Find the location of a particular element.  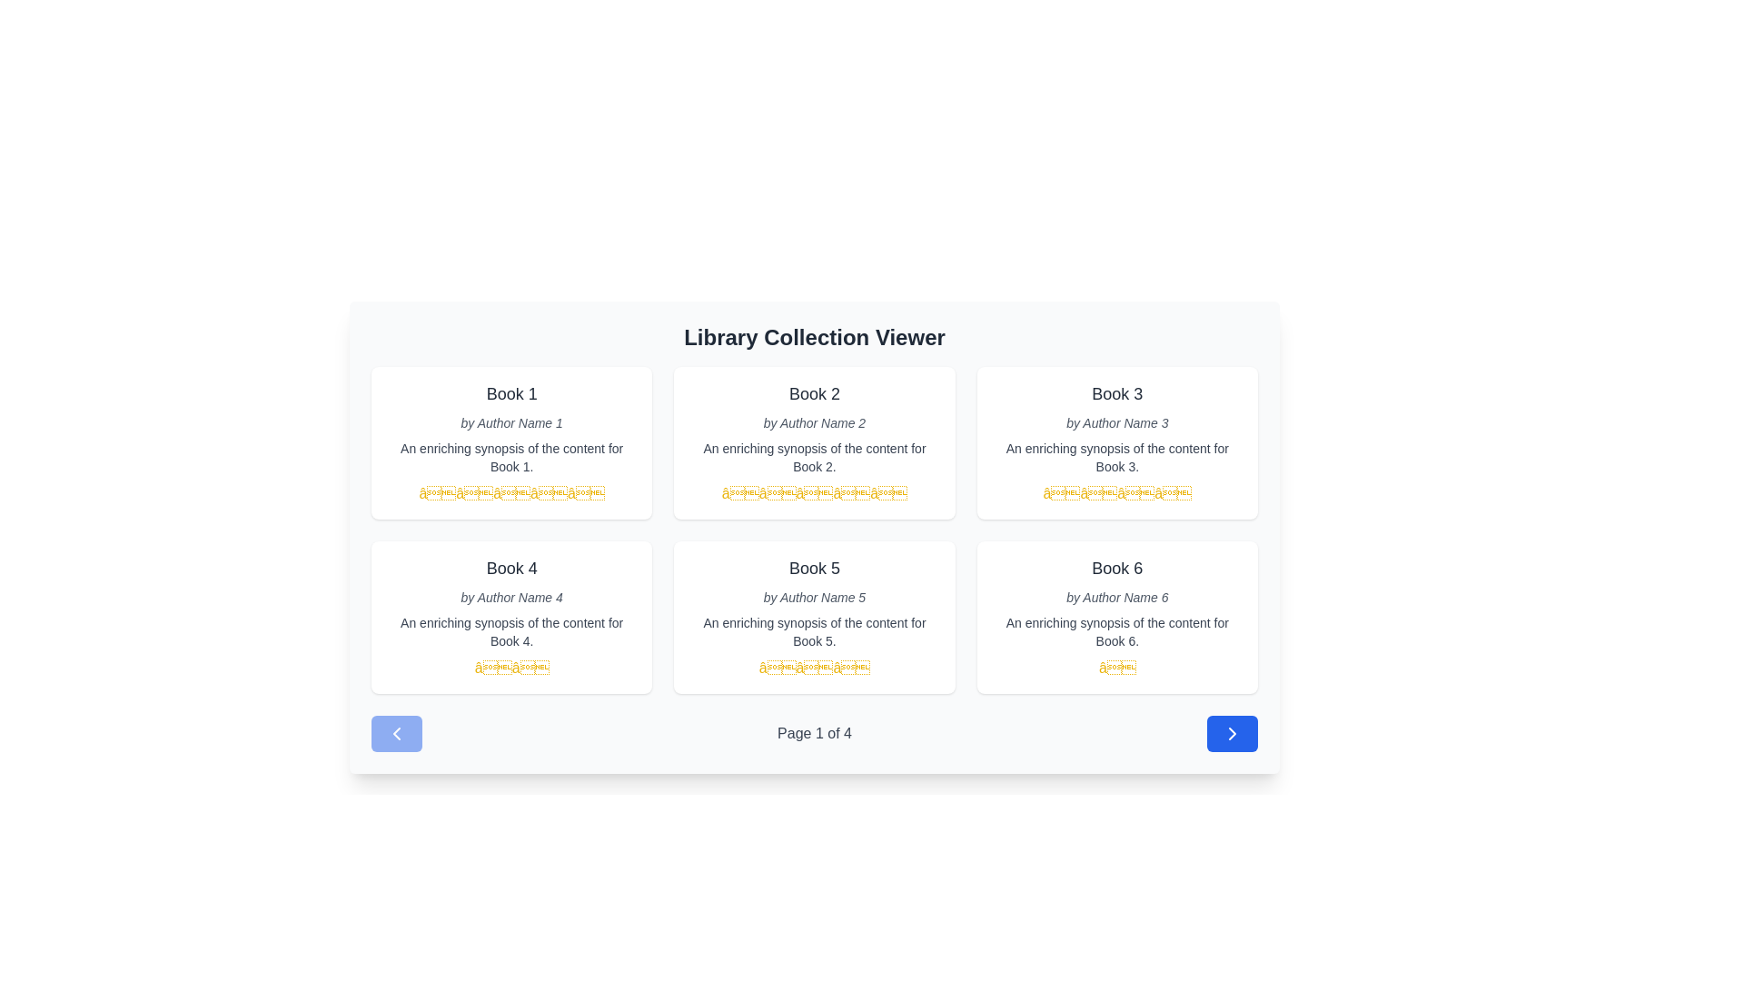

the fourth star in the rating system for 'Book 2', which serves as a visual indicator of one unit in the rating is located at coordinates (850, 493).